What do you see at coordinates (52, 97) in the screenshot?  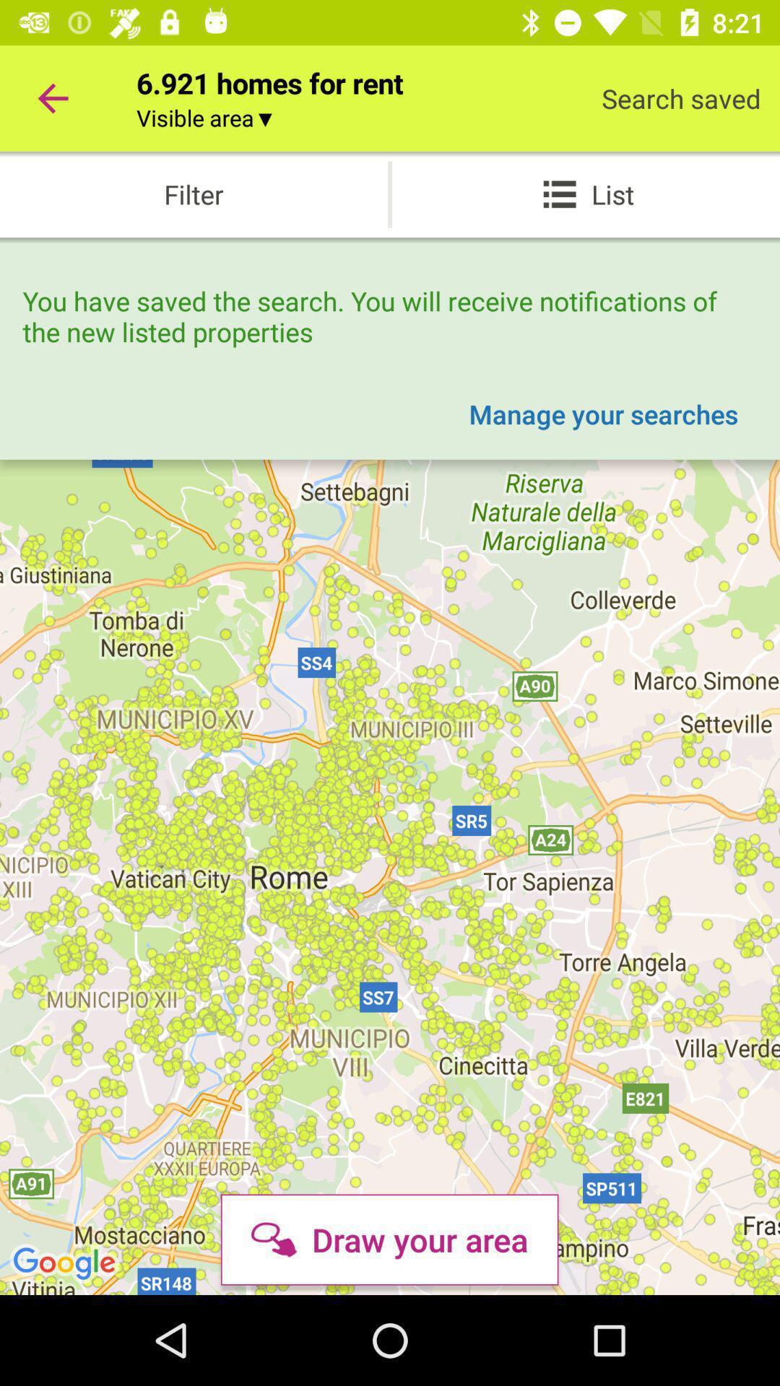 I see `icon next to the 6 921 homes item` at bounding box center [52, 97].